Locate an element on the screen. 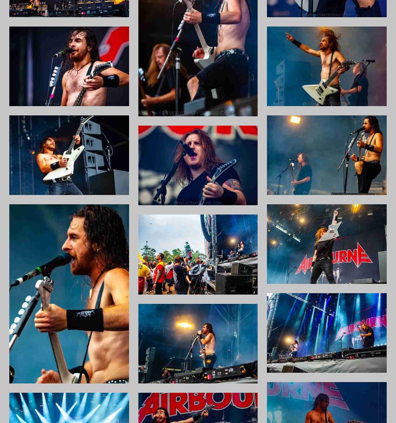 The height and width of the screenshot is (423, 396). 'May 2021' is located at coordinates (295, 223).